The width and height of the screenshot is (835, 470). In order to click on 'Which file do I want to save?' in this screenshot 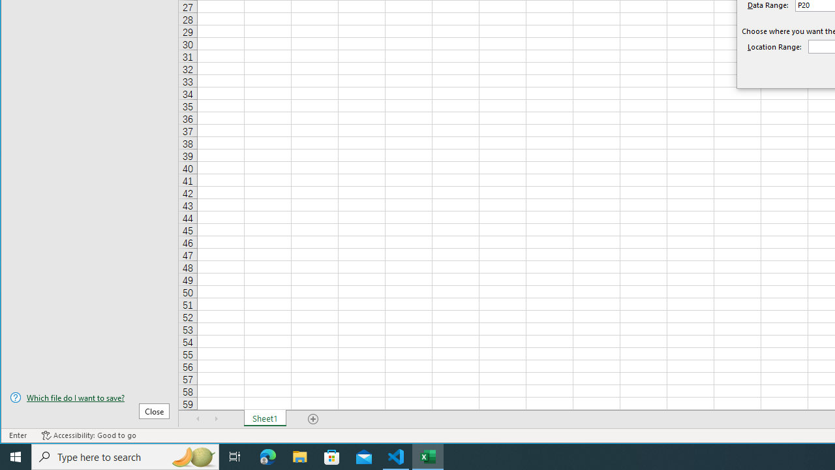, I will do `click(89, 397)`.